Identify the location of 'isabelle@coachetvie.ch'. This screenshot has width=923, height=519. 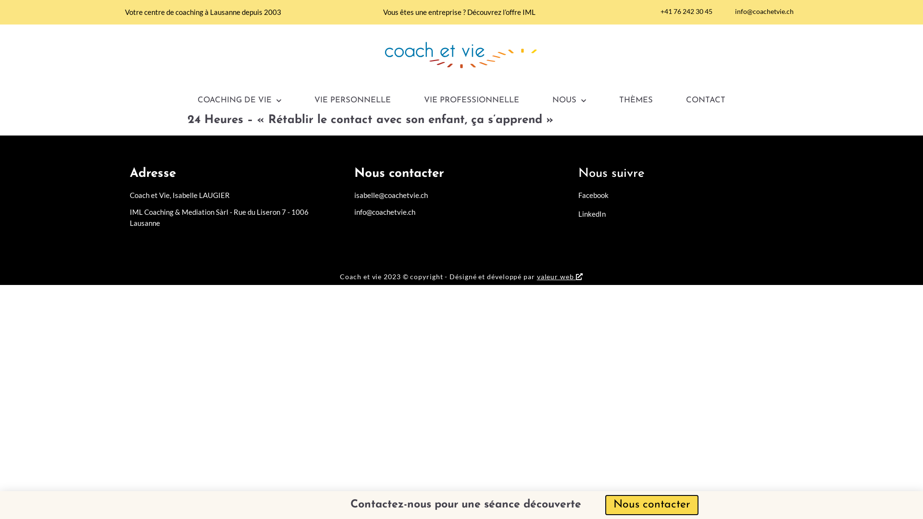
(354, 195).